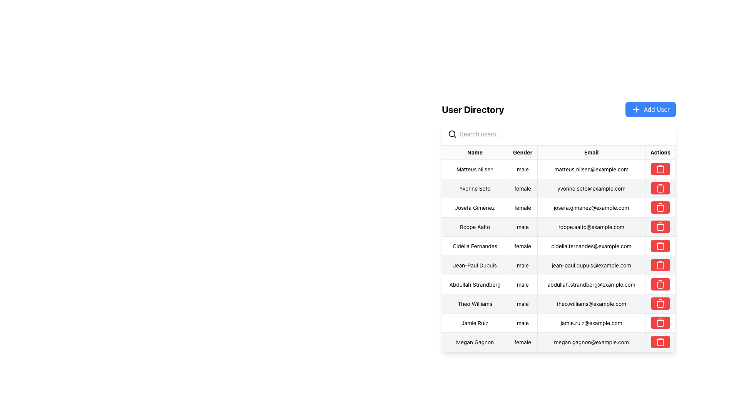 The image size is (739, 415). What do you see at coordinates (660, 169) in the screenshot?
I see `the Delete button with a red background and trash can icon located in the fourth column under the 'Actions' header for the user 'Matteus Nilsen'` at bounding box center [660, 169].